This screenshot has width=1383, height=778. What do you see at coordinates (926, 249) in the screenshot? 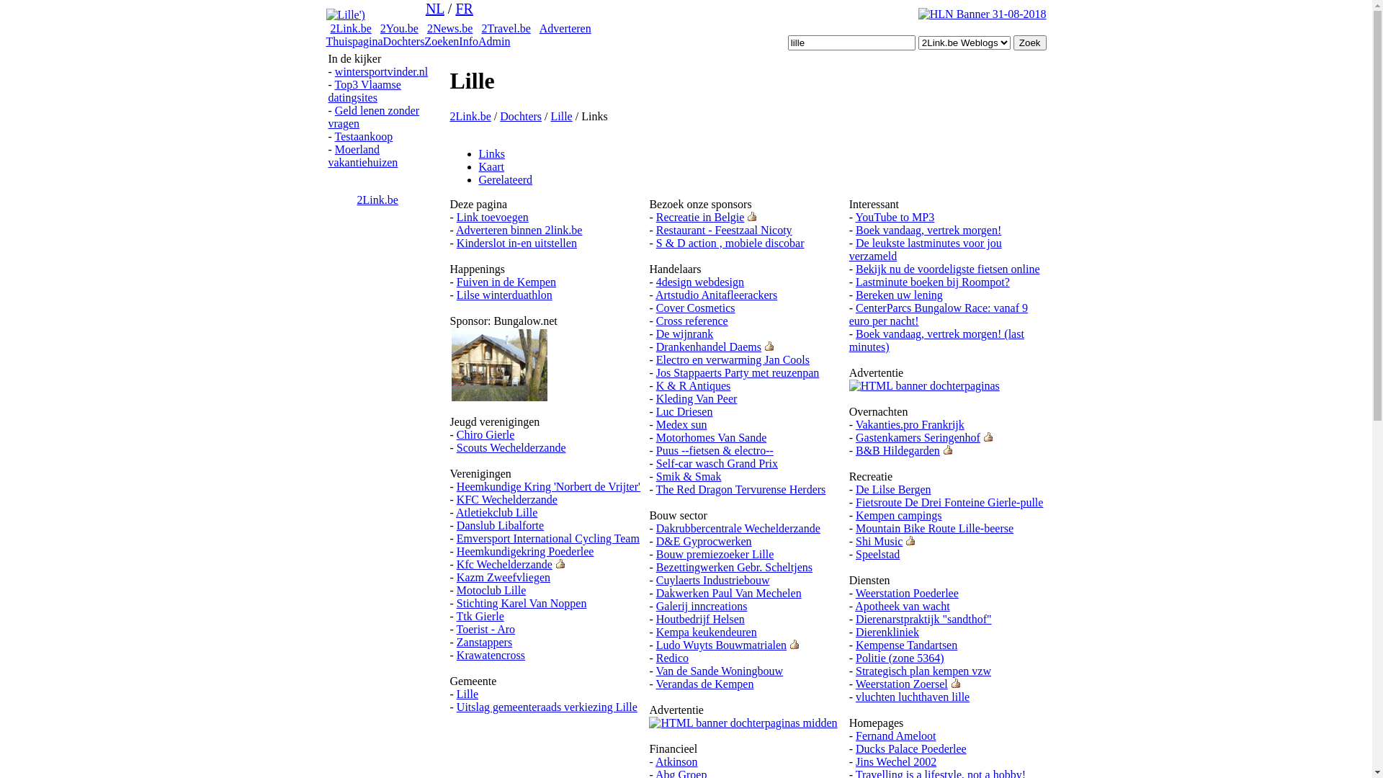
I see `'De leukste lastminutes voor jou verzameld'` at bounding box center [926, 249].